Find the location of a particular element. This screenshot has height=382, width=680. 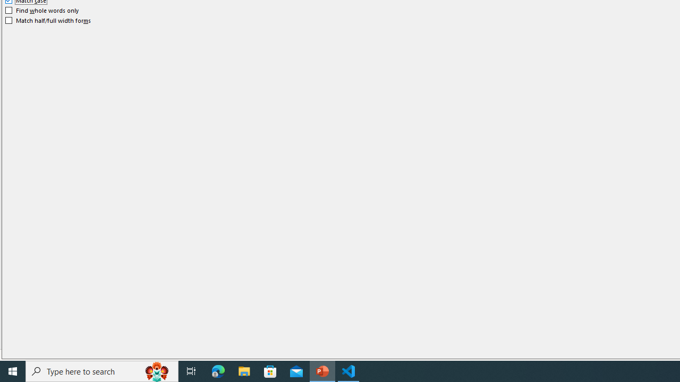

'Match half/full width forms' is located at coordinates (48, 20).